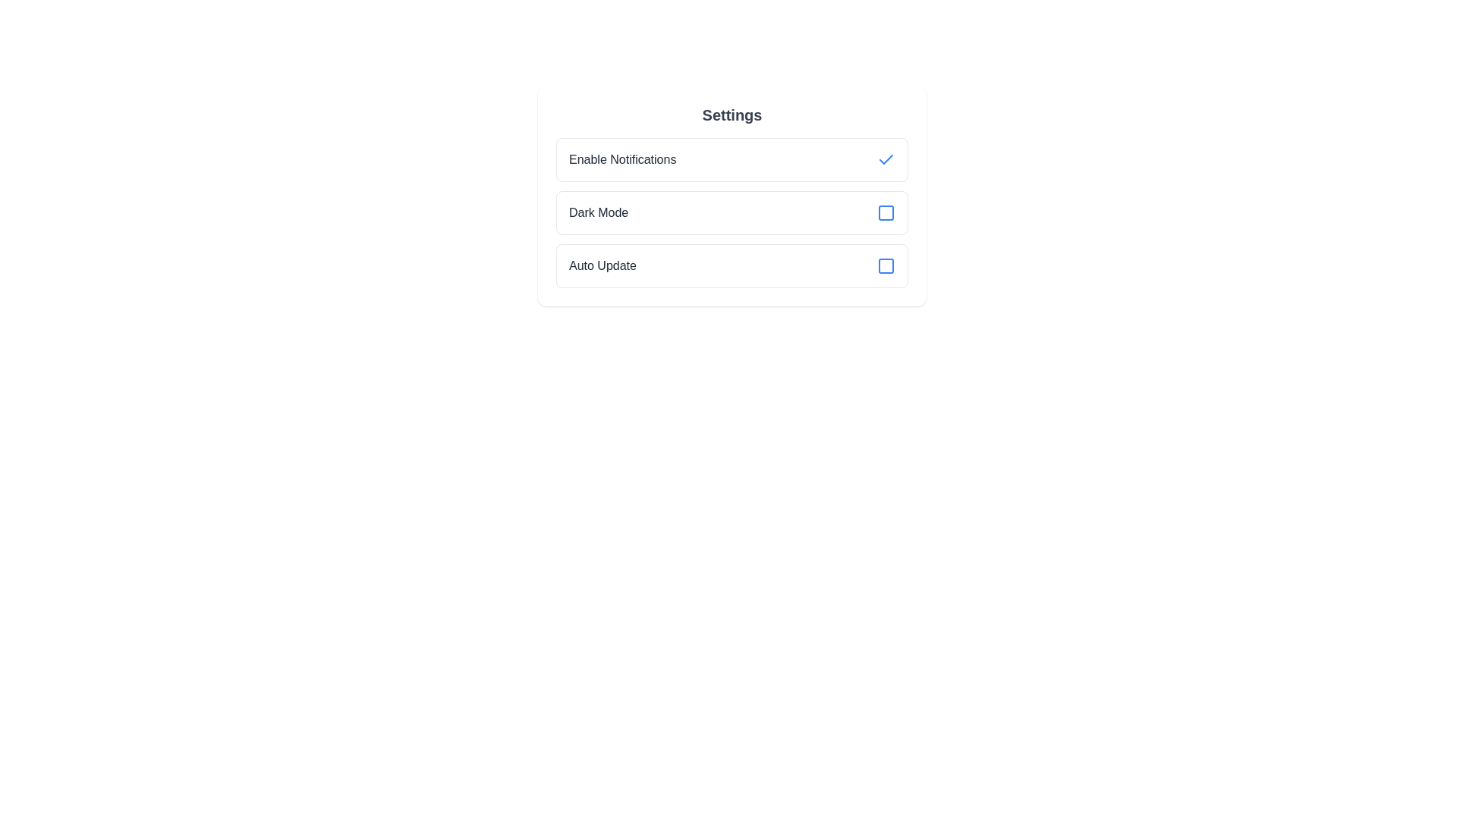 The width and height of the screenshot is (1457, 819). I want to click on the Toggleable List Item labeled 'Enable Notifications', so click(732, 160).